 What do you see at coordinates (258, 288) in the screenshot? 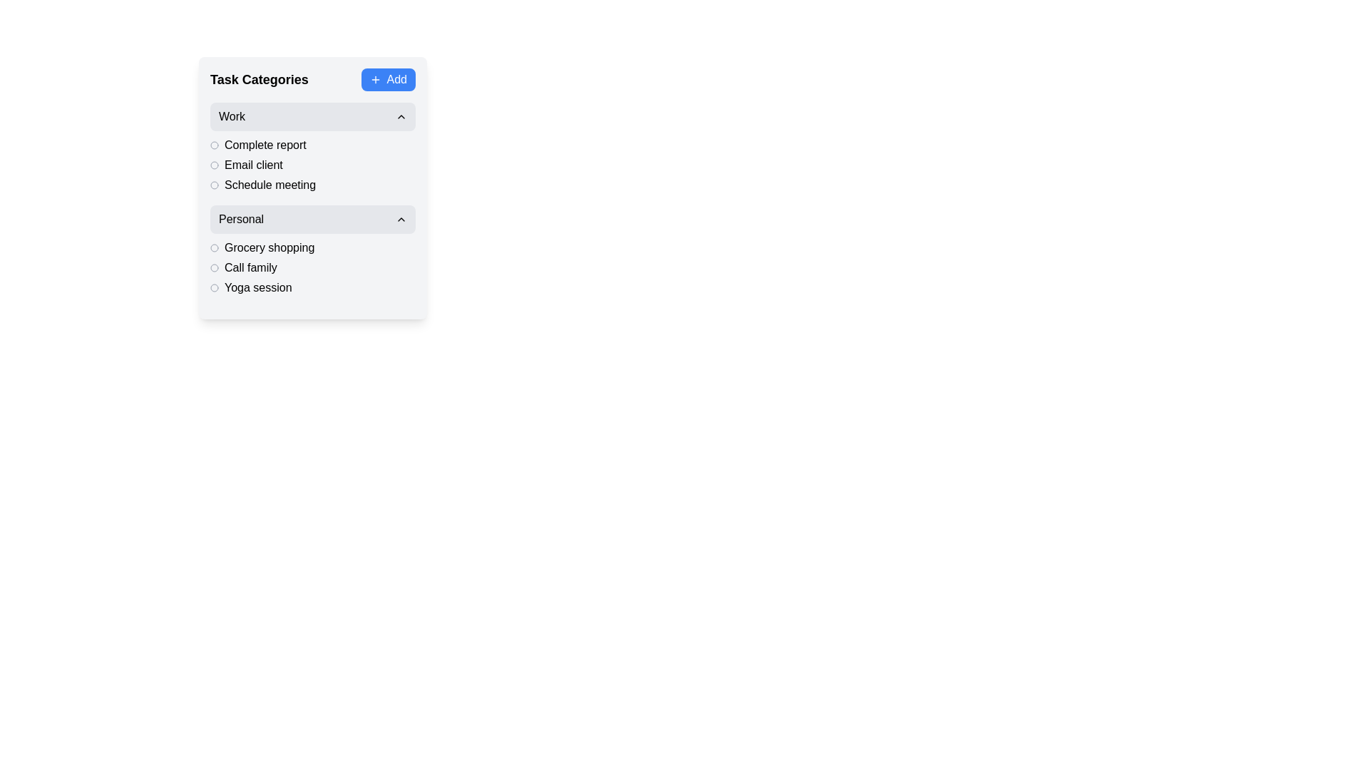
I see `the text label that identifies the task 'Yoga session' located at the bottom of the 'Personal' category sublist` at bounding box center [258, 288].